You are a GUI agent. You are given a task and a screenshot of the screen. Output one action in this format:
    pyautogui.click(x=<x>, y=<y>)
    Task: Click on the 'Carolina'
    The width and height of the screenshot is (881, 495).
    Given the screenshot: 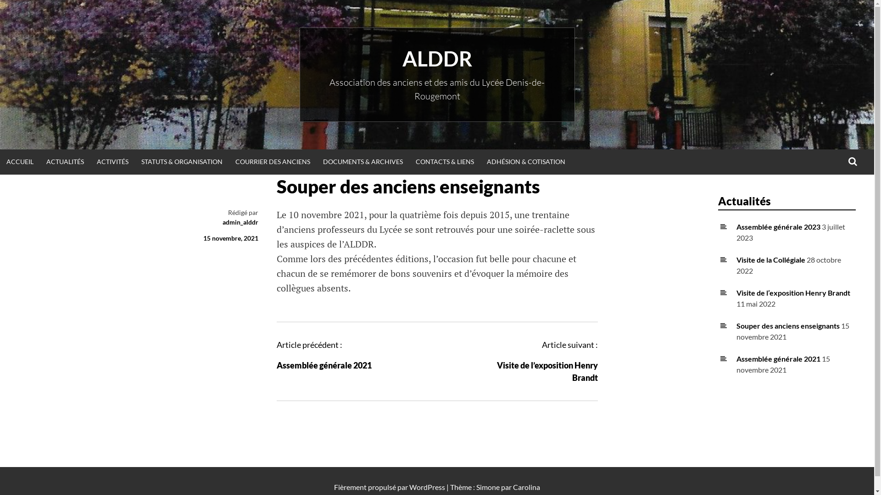 What is the action you would take?
    pyautogui.click(x=526, y=486)
    